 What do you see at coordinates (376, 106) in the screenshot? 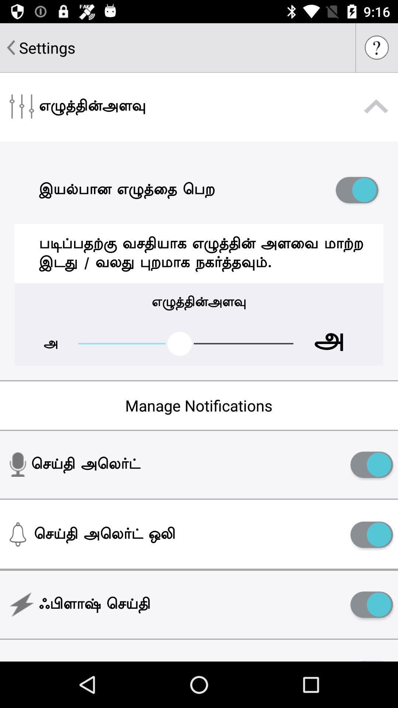
I see `collapse option list` at bounding box center [376, 106].